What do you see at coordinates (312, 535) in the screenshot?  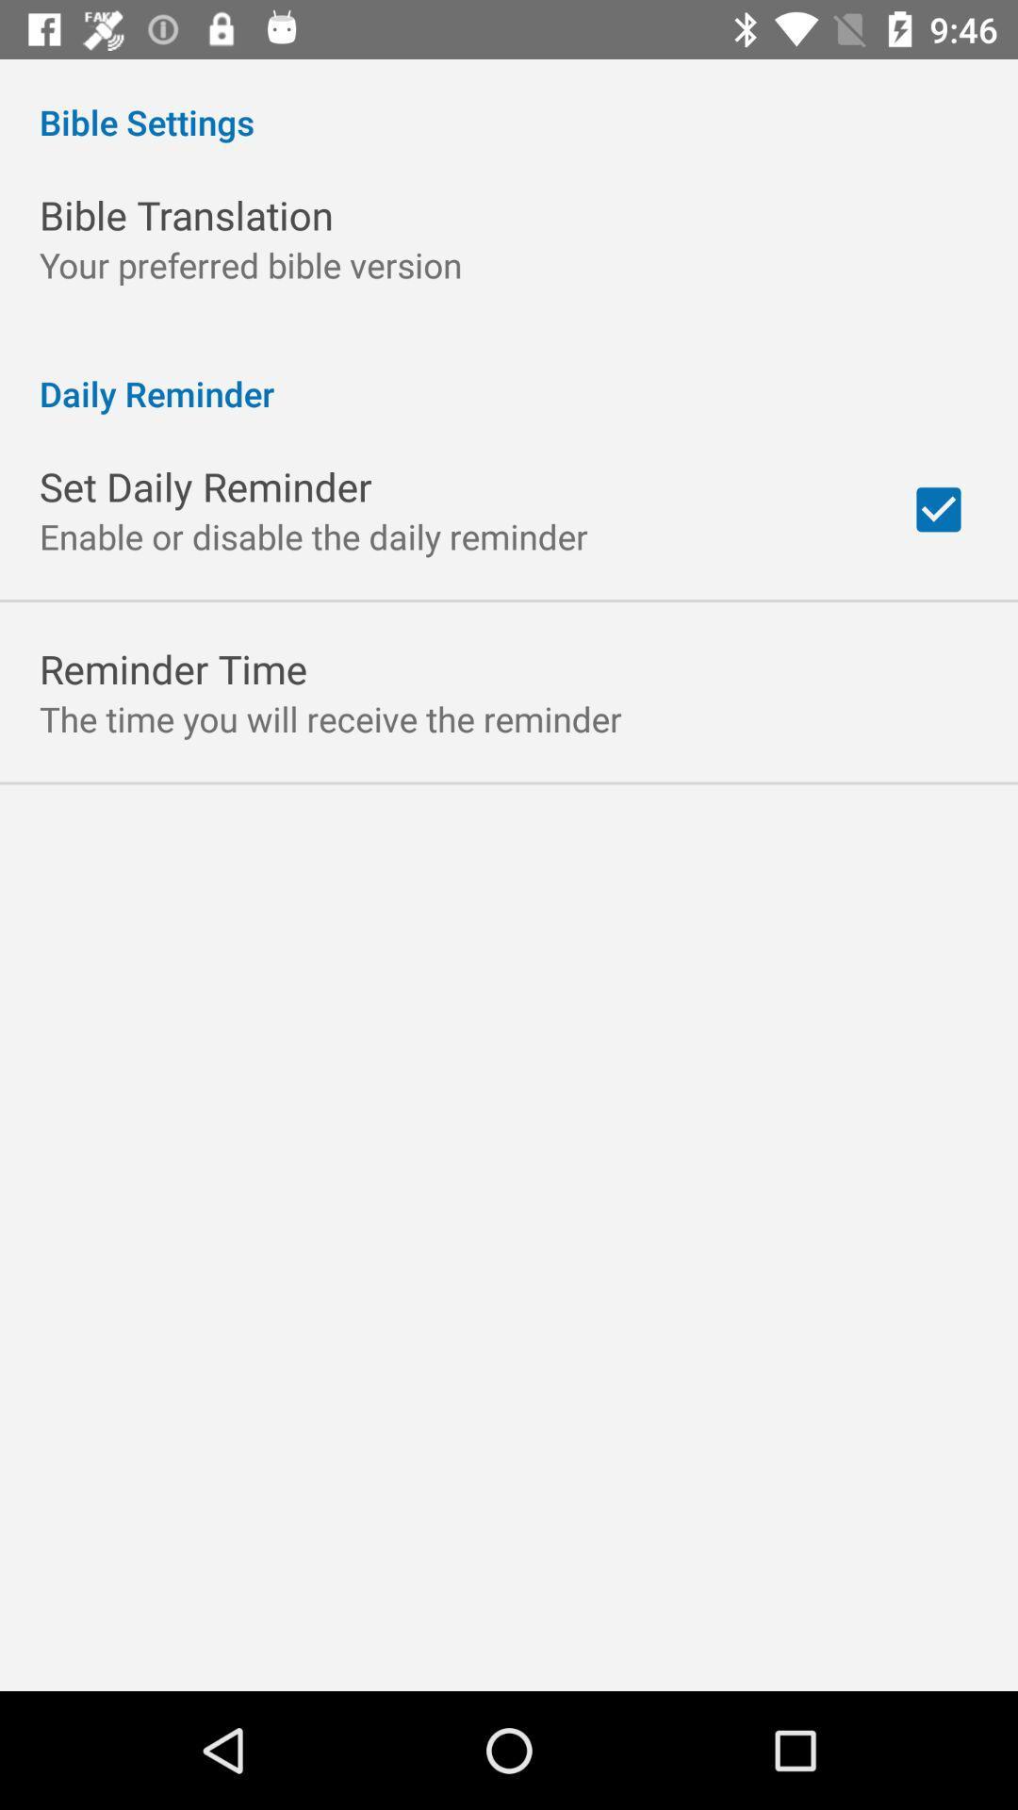 I see `item above the reminder time item` at bounding box center [312, 535].